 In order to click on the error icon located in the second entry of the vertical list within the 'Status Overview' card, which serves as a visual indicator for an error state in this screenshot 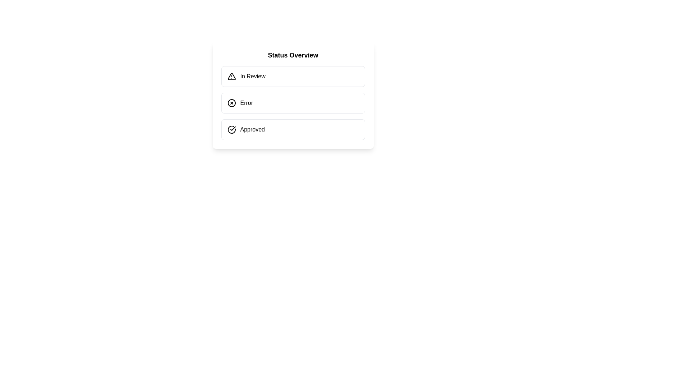, I will do `click(231, 103)`.